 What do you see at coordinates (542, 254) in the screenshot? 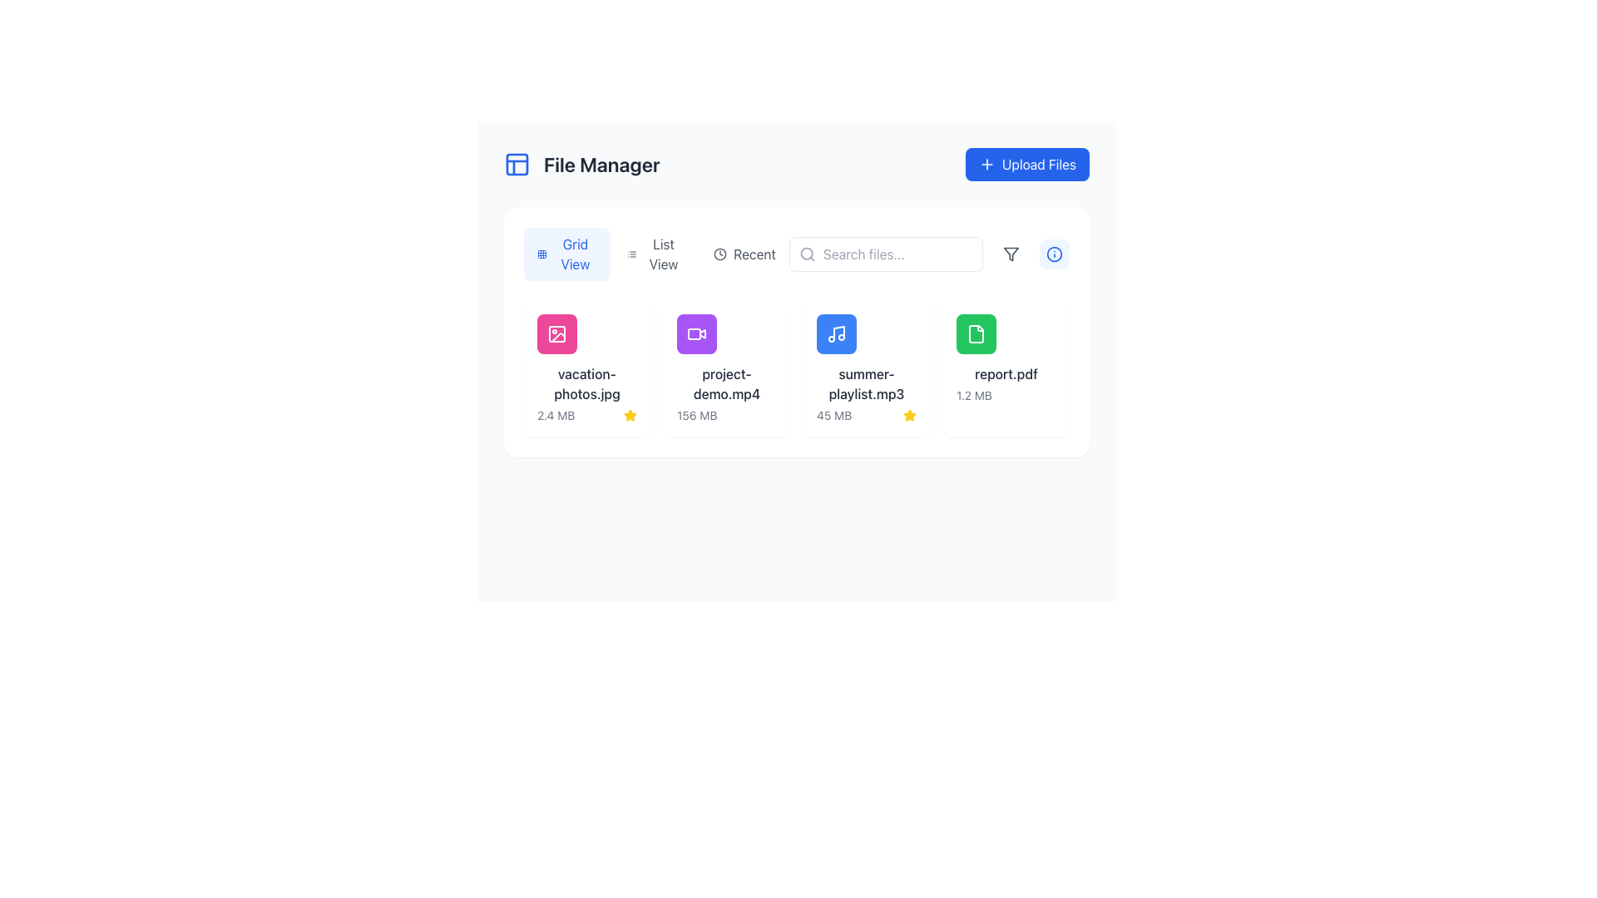
I see `the button to the left of 'Grid View' in the header section of the 'File Manager' to switch to grid view` at bounding box center [542, 254].